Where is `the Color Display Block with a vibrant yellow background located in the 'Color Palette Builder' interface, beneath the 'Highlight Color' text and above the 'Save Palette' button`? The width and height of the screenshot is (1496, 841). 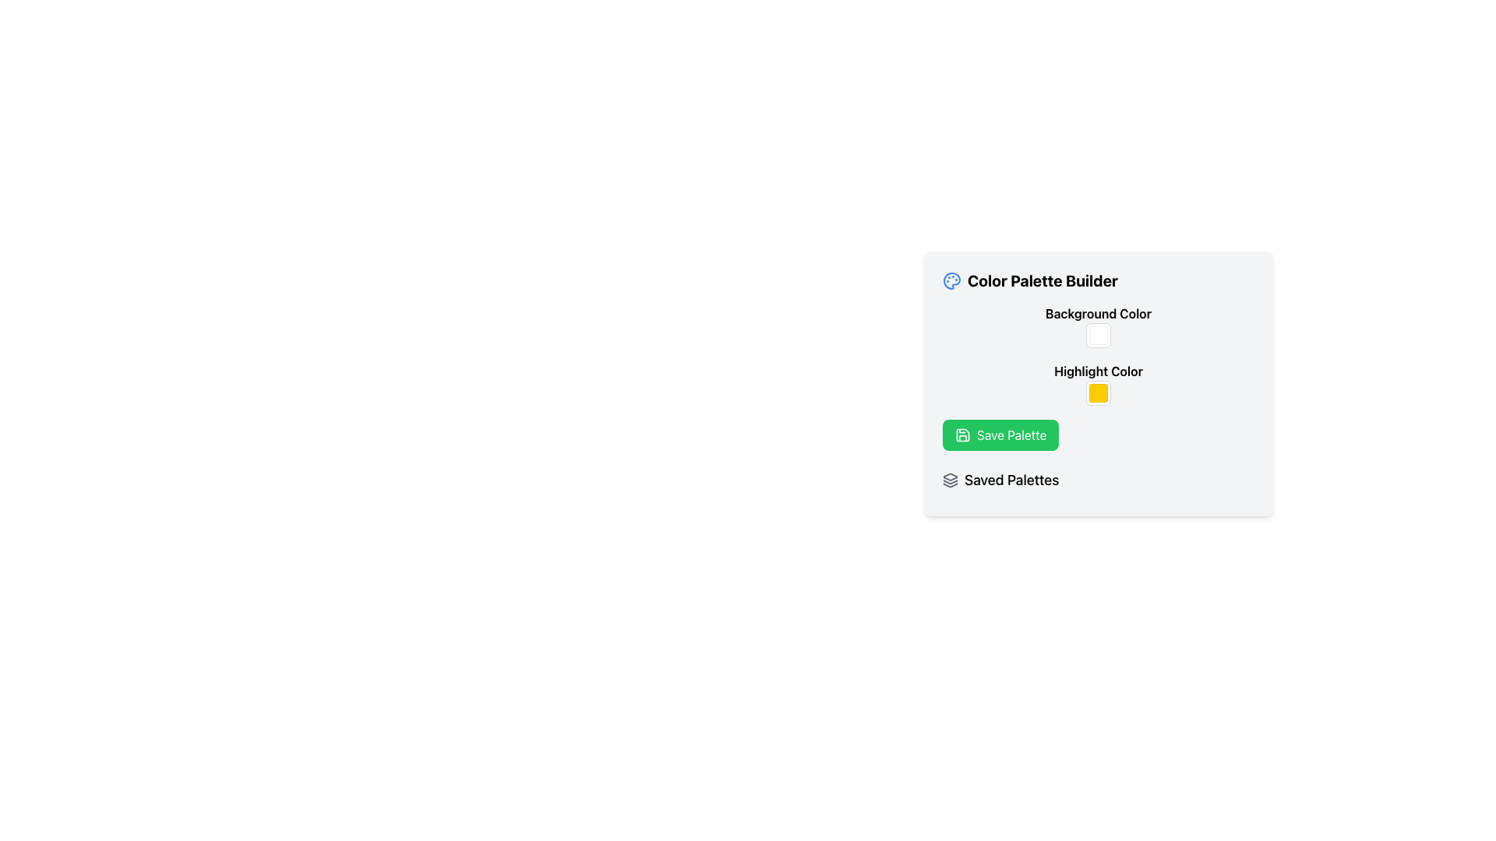 the Color Display Block with a vibrant yellow background located in the 'Color Palette Builder' interface, beneath the 'Highlight Color' text and above the 'Save Palette' button is located at coordinates (1098, 392).